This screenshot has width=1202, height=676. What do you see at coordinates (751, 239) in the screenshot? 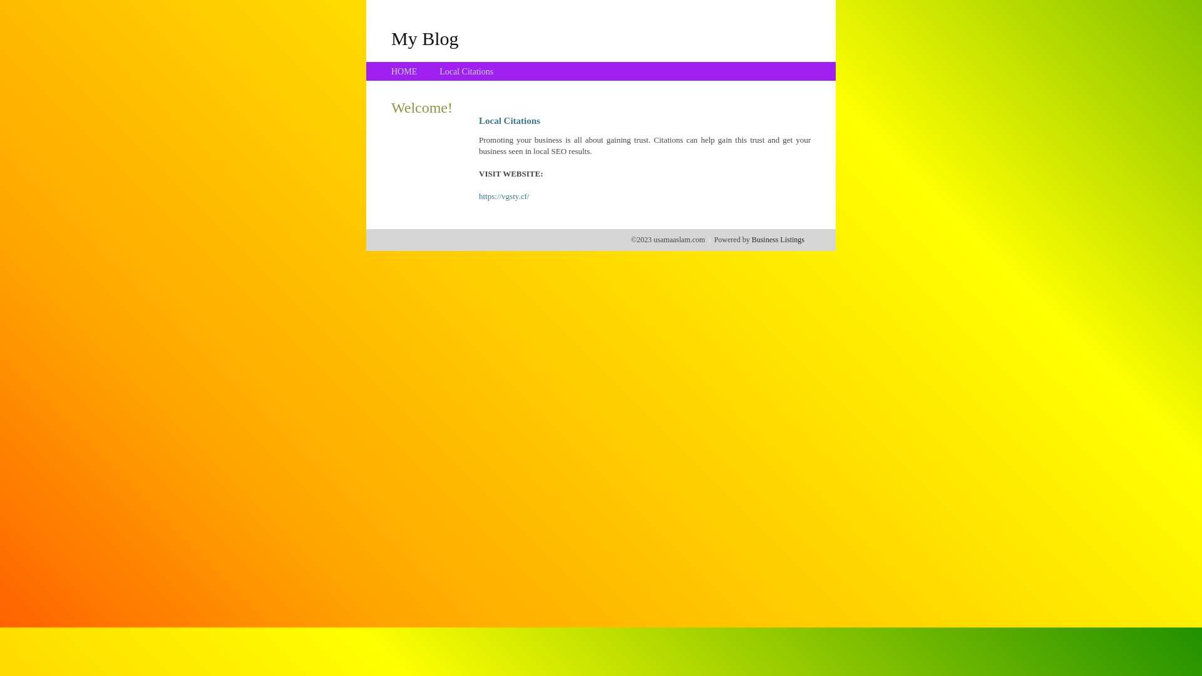
I see `'Business Listings'` at bounding box center [751, 239].